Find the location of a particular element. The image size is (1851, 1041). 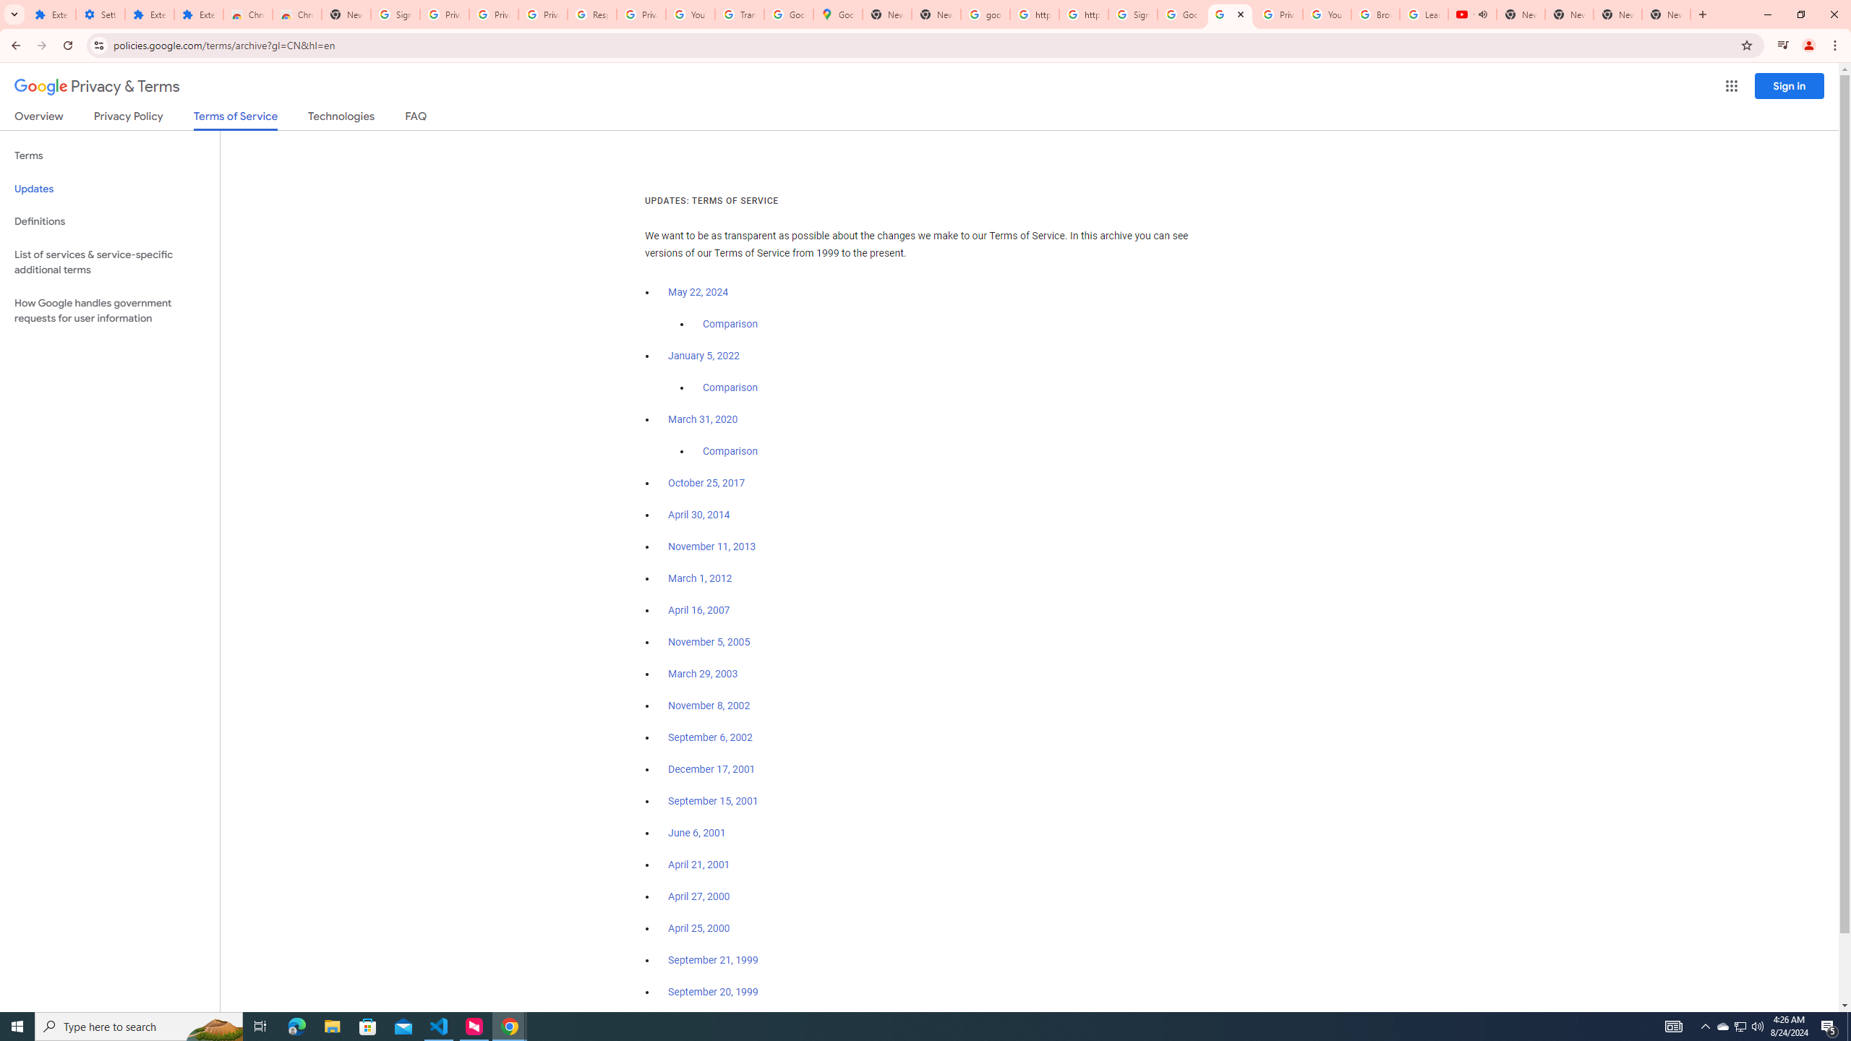

'April 25, 2000' is located at coordinates (698, 927).